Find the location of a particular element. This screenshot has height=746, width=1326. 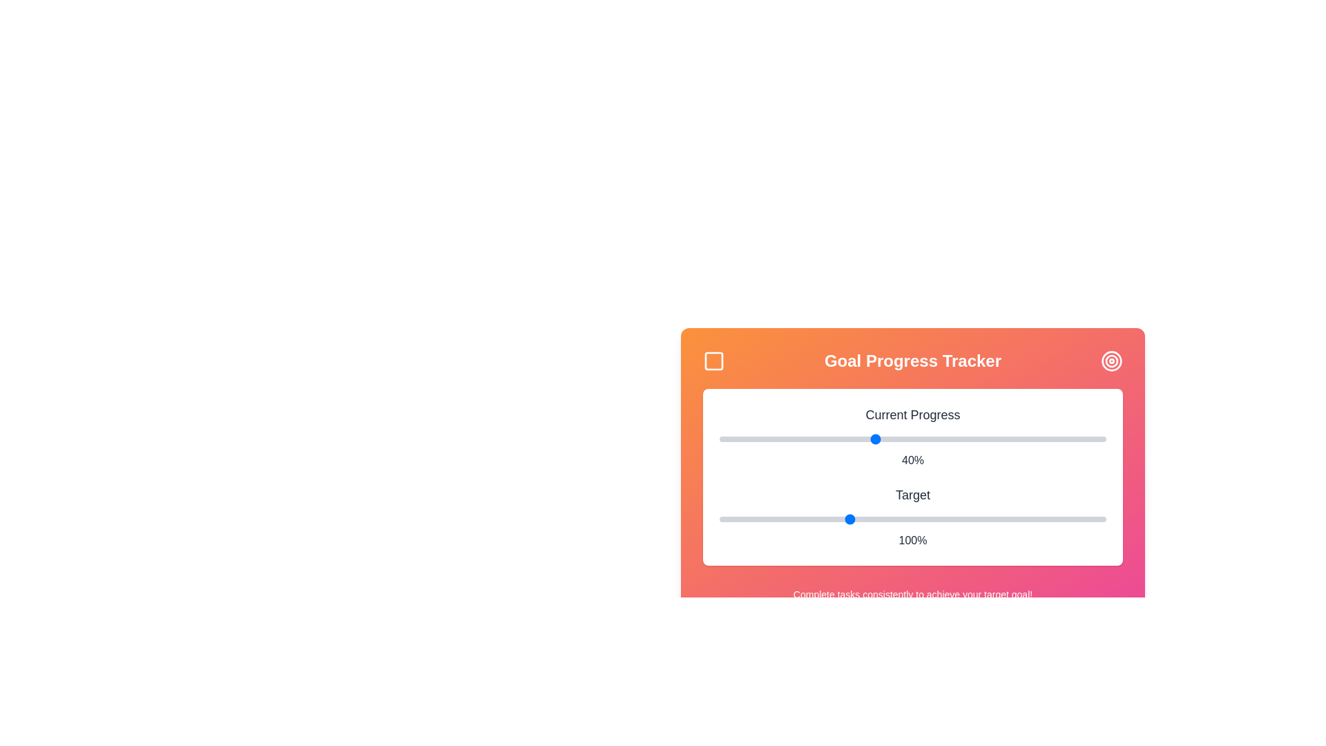

the 'Target' slider to set its value to 172 is located at coordinates (1034, 519).